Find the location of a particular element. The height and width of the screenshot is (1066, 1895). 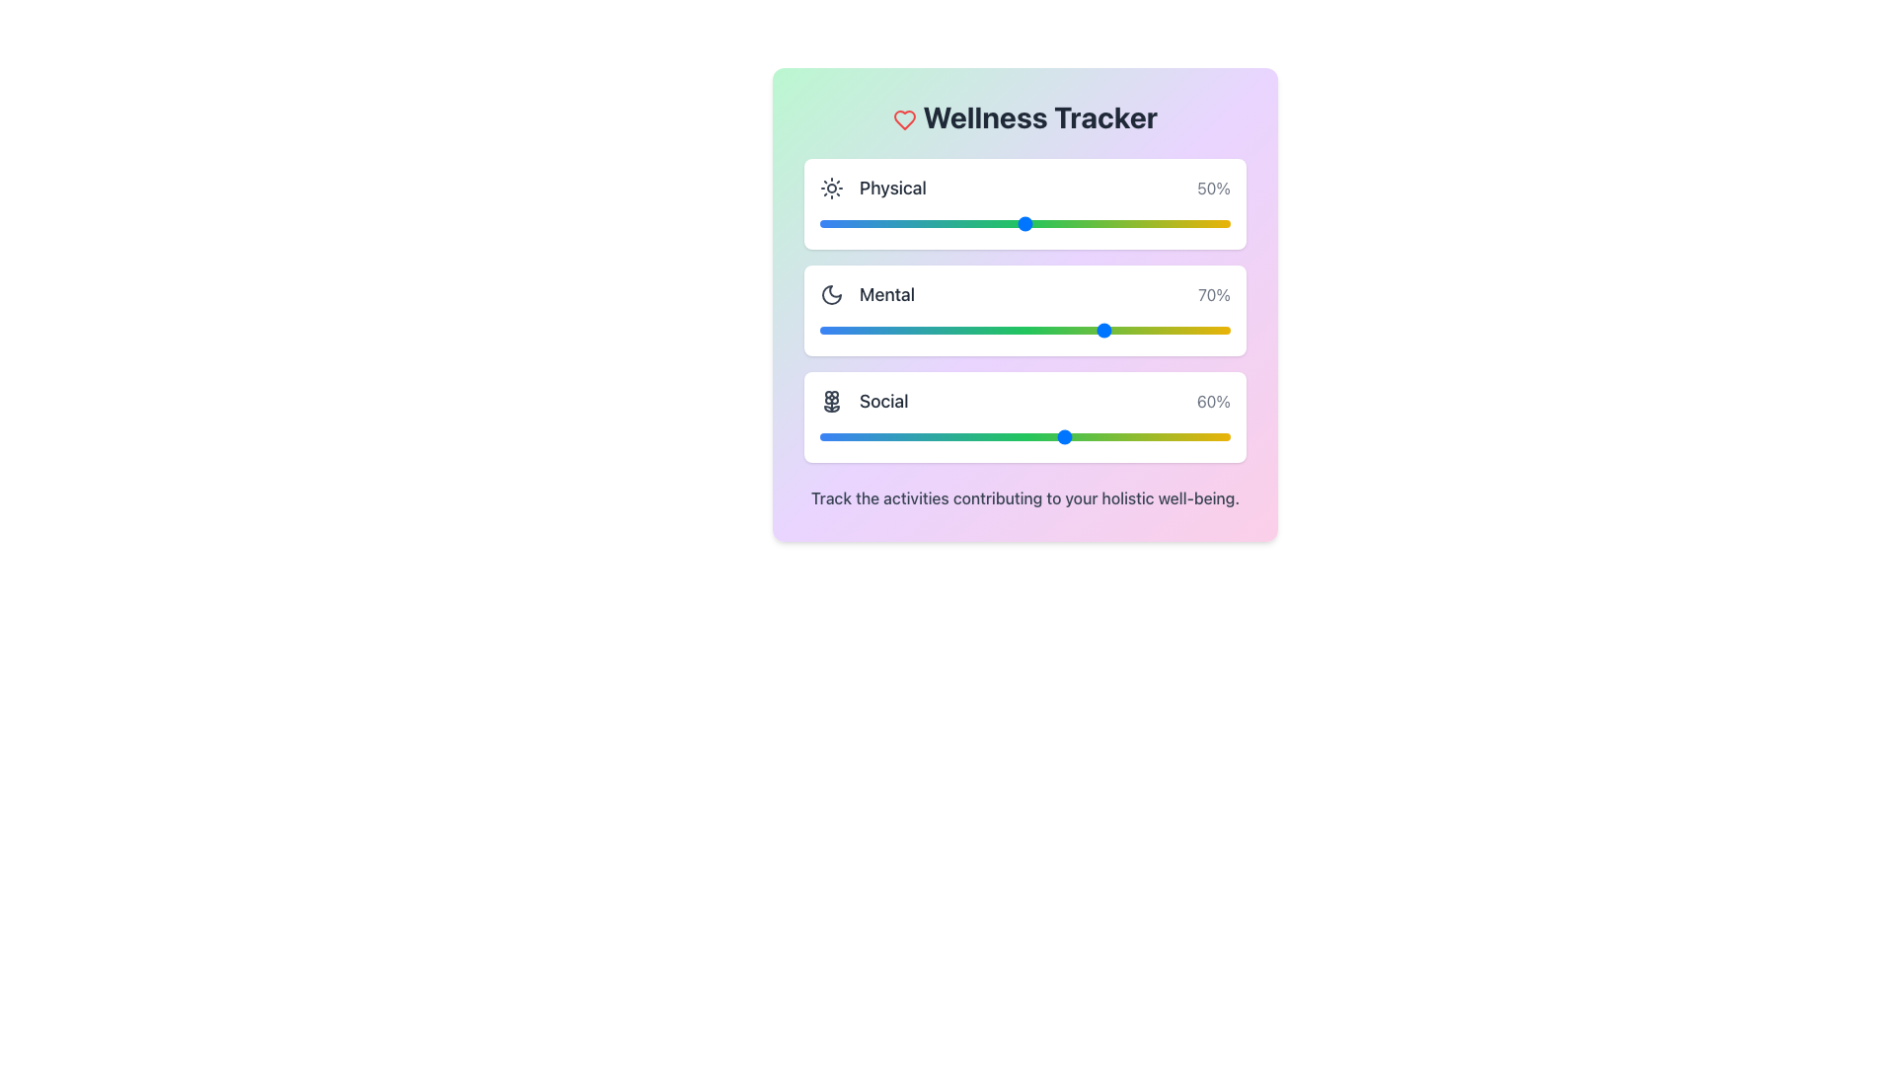

the sun icon located in the 'Physical' section of the 'Wellness Tracker' panel, positioned to the far left next to the 'Physical' text label is located at coordinates (832, 189).